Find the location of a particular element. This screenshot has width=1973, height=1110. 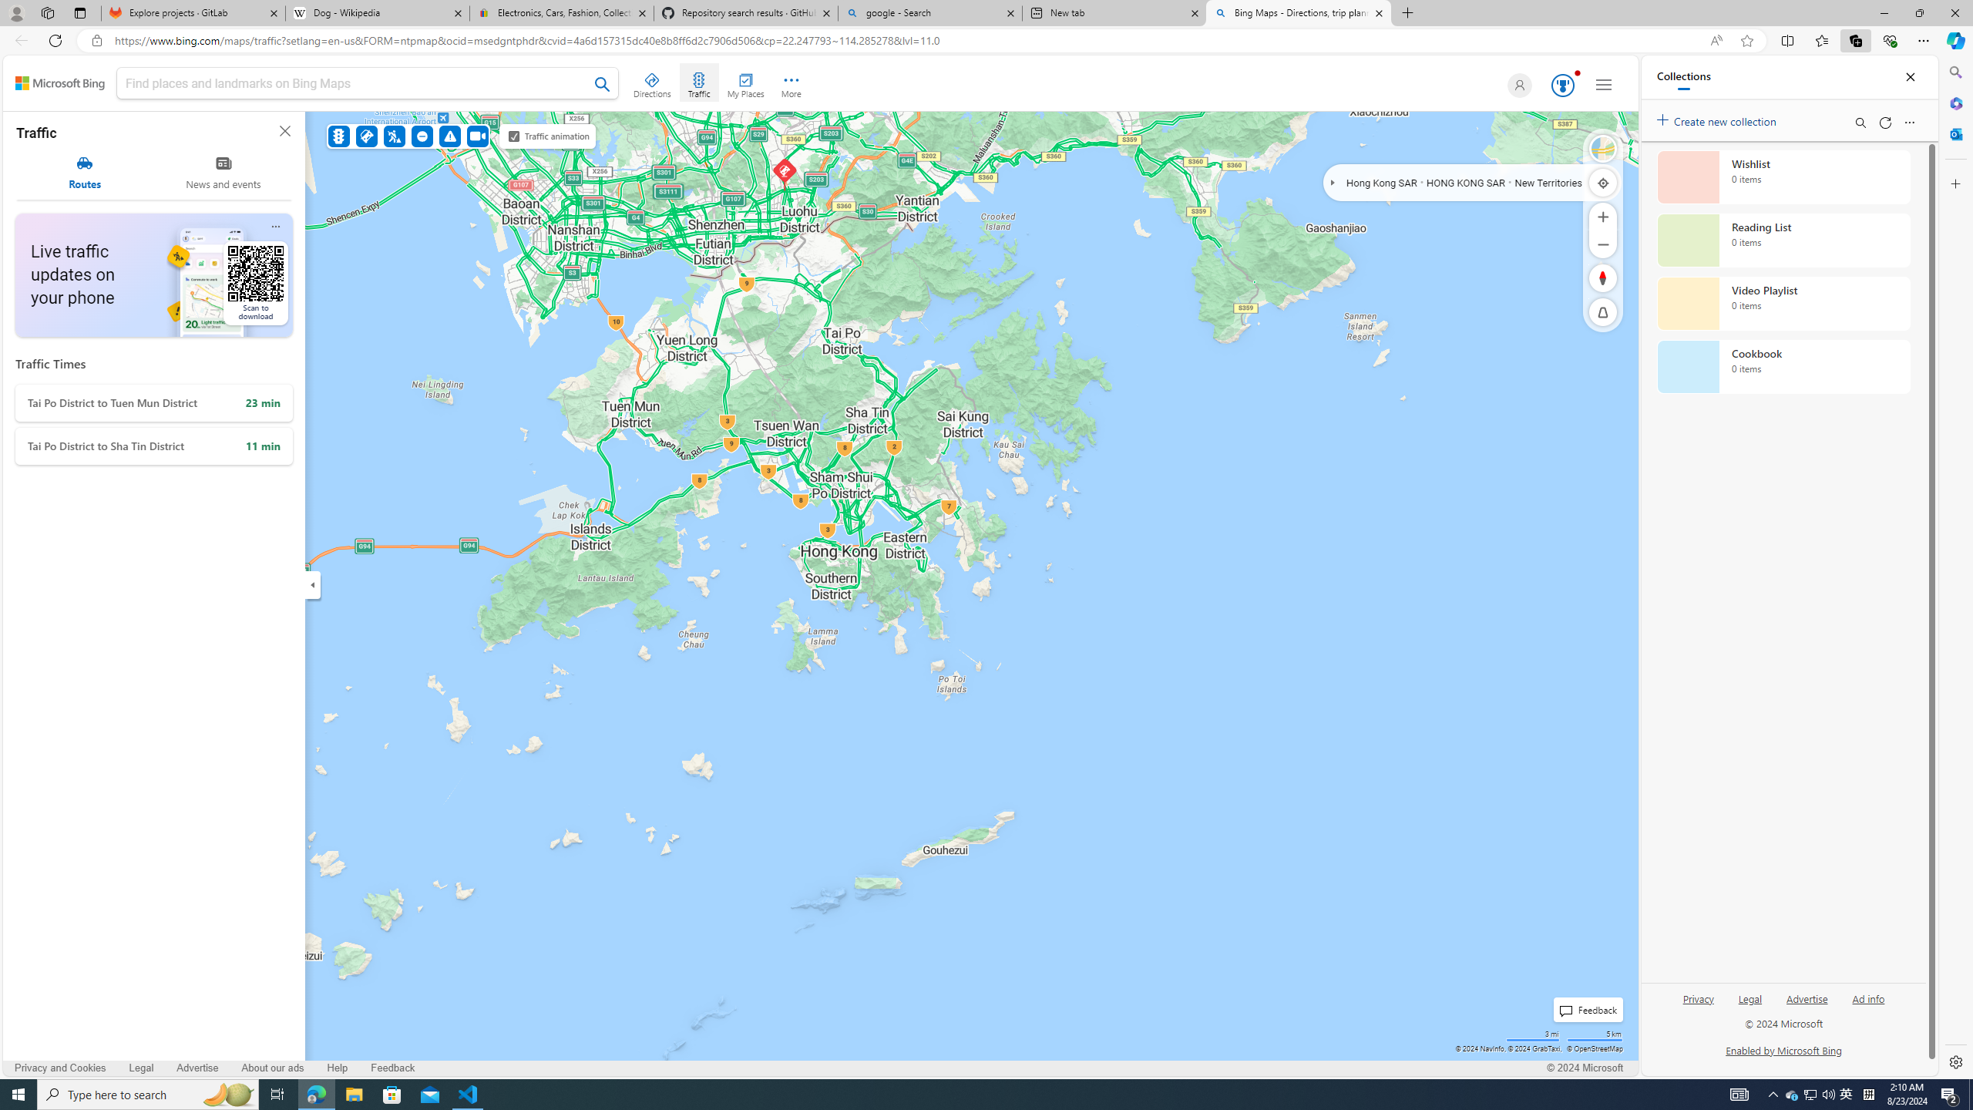

'Bird' is located at coordinates (1602, 148).